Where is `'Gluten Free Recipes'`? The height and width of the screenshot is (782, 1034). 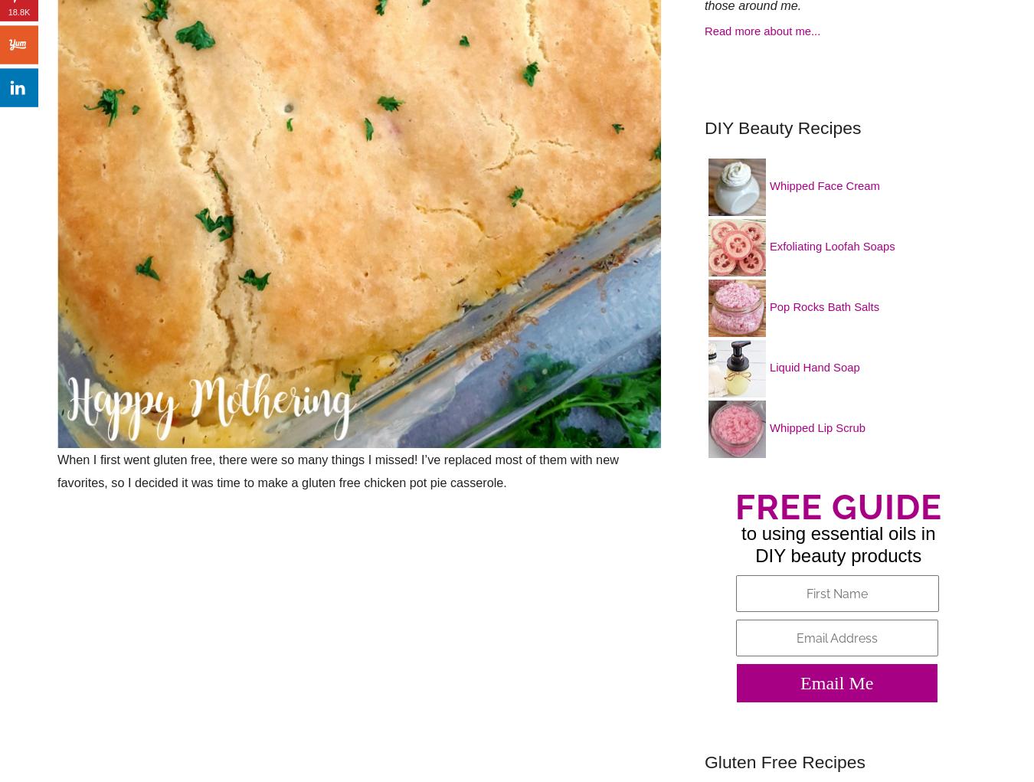 'Gluten Free Recipes' is located at coordinates (784, 761).